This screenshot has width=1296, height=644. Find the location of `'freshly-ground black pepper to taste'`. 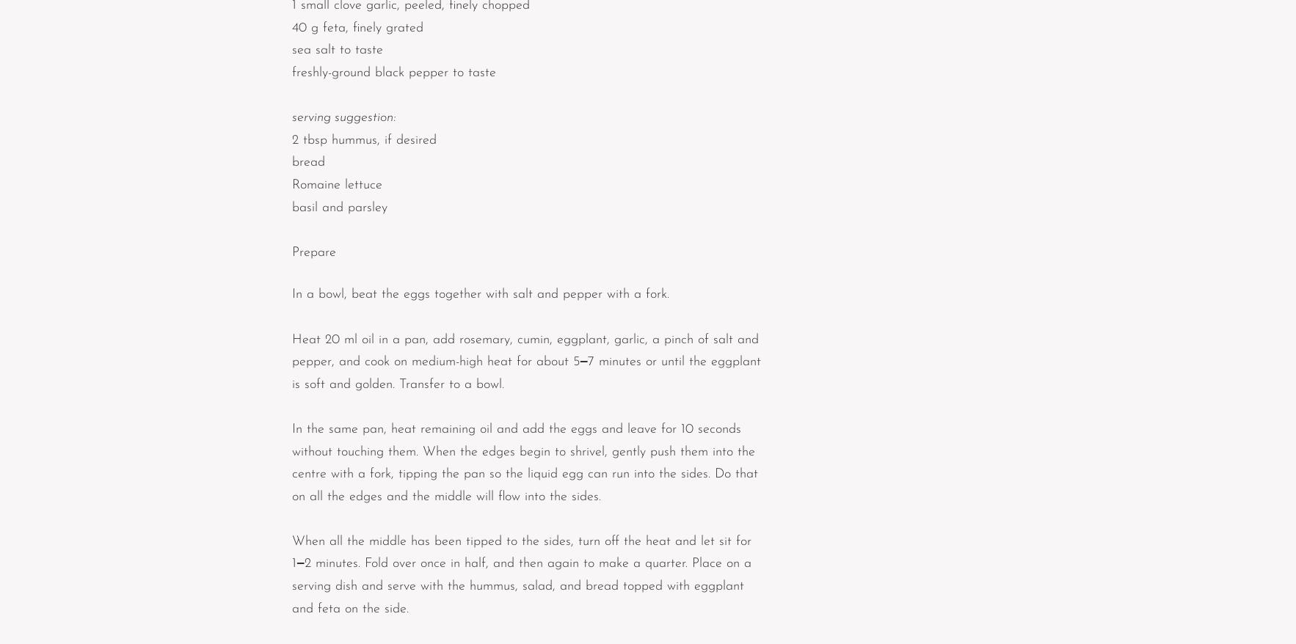

'freshly-ground black pepper to taste' is located at coordinates (291, 72).